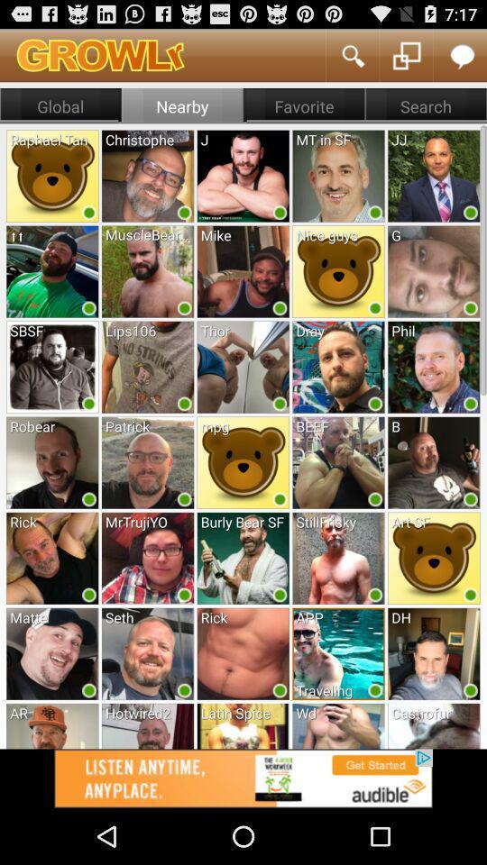 The image size is (487, 865). What do you see at coordinates (433, 175) in the screenshot?
I see `the image which is below search` at bounding box center [433, 175].